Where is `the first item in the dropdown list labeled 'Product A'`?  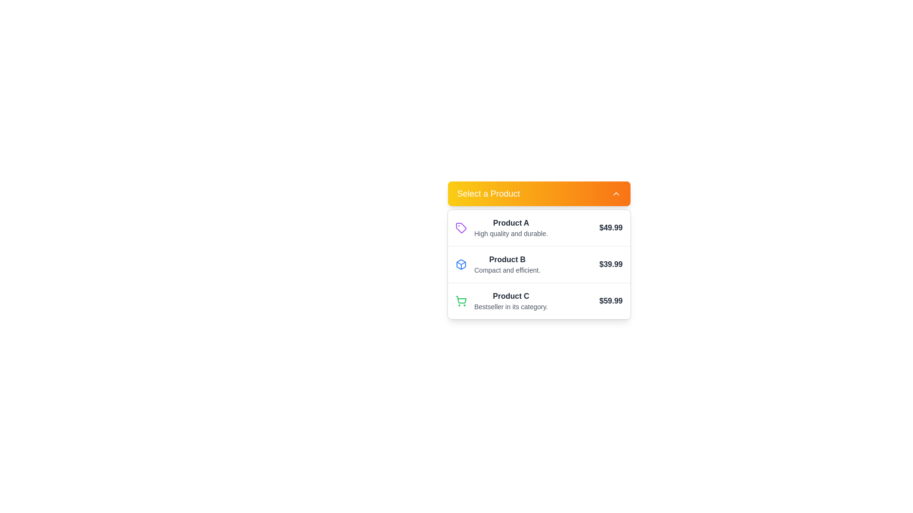
the first item in the dropdown list labeled 'Product A' is located at coordinates (539, 228).